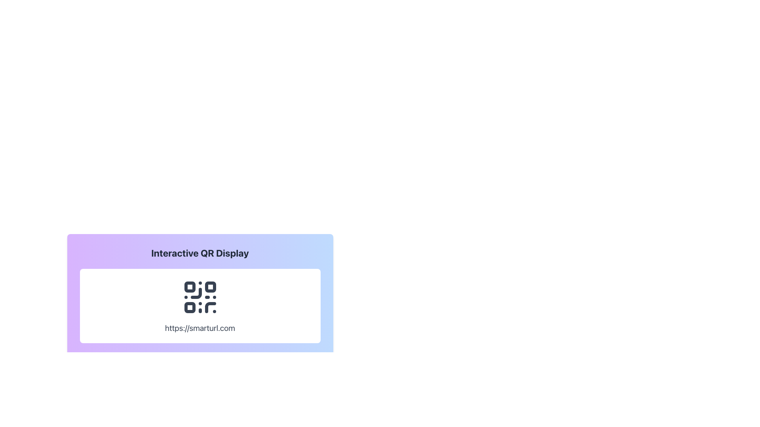  What do you see at coordinates (189, 307) in the screenshot?
I see `the third graphical square in the bottom-left corner of the QR code graphic` at bounding box center [189, 307].